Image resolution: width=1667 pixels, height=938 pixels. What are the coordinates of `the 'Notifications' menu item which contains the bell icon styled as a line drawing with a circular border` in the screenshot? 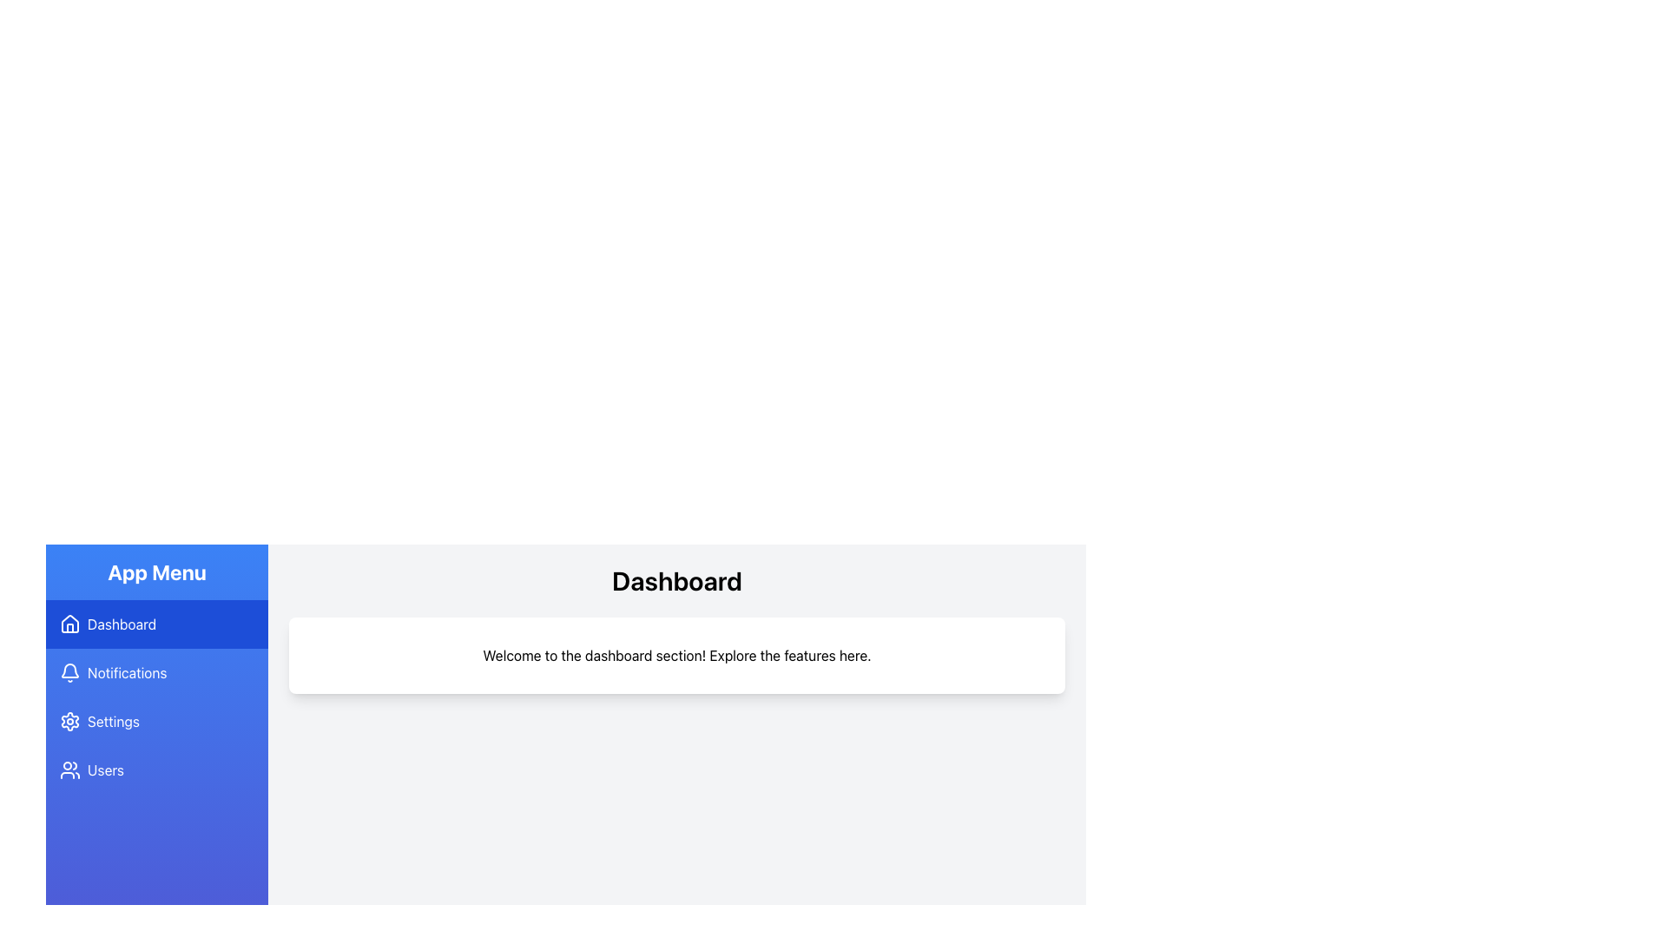 It's located at (69, 672).